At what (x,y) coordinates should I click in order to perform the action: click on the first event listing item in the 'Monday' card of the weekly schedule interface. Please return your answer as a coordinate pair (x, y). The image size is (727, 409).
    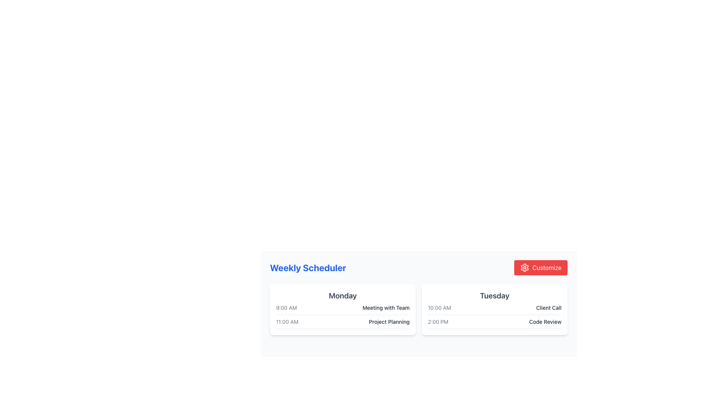
    Looking at the image, I should click on (342, 308).